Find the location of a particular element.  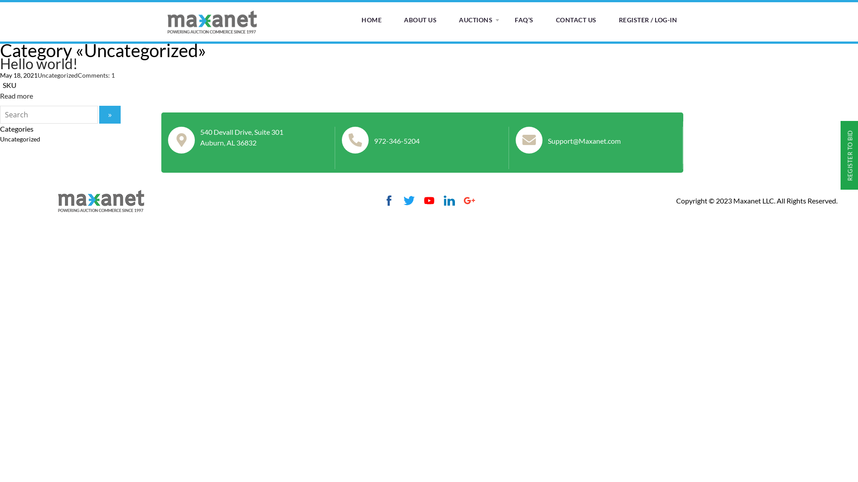

'Support@Maxanet.com' is located at coordinates (547, 141).